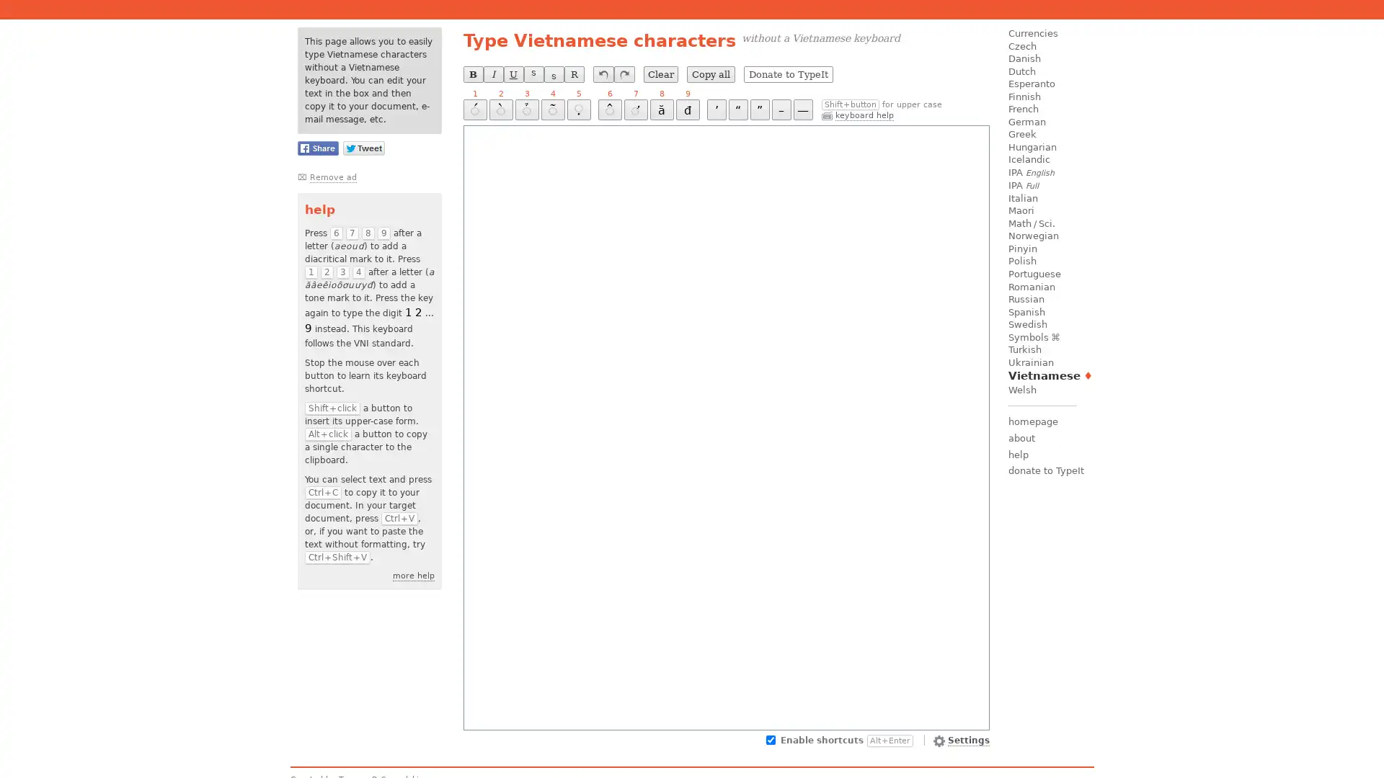  Describe the element at coordinates (578, 109) in the screenshot. I see `5` at that location.